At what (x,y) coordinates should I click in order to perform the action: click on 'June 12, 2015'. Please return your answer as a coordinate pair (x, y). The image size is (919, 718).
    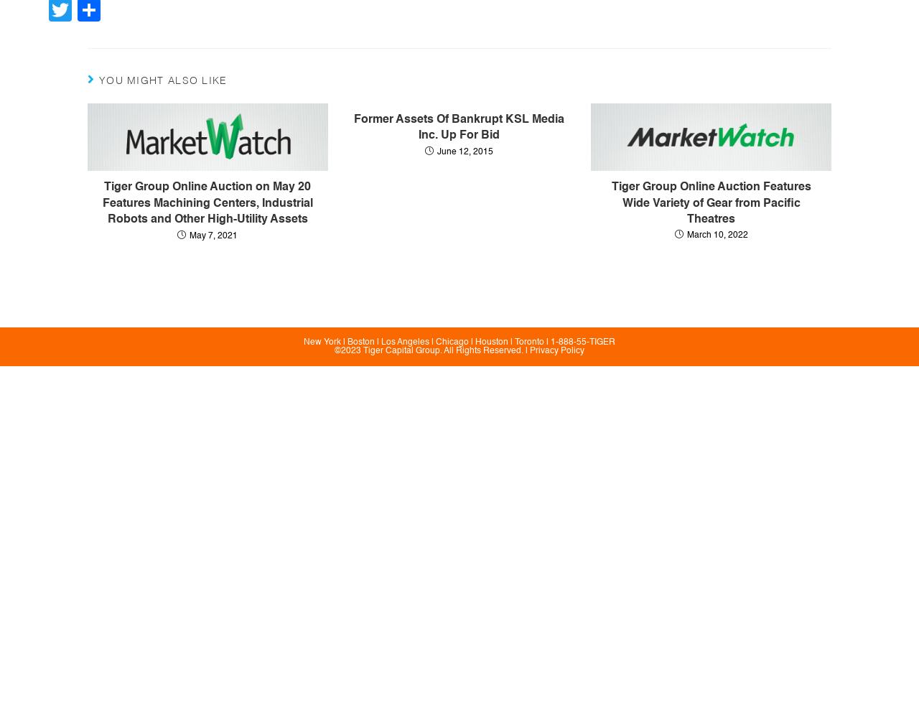
    Looking at the image, I should click on (465, 151).